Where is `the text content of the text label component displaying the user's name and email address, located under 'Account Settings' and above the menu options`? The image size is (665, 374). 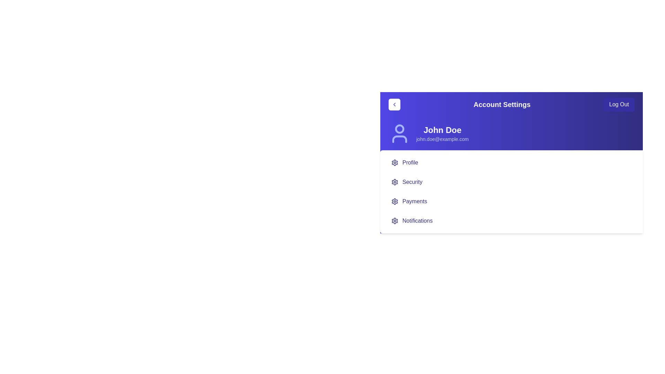
the text content of the text label component displaying the user's name and email address, located under 'Account Settings' and above the menu options is located at coordinates (442, 133).